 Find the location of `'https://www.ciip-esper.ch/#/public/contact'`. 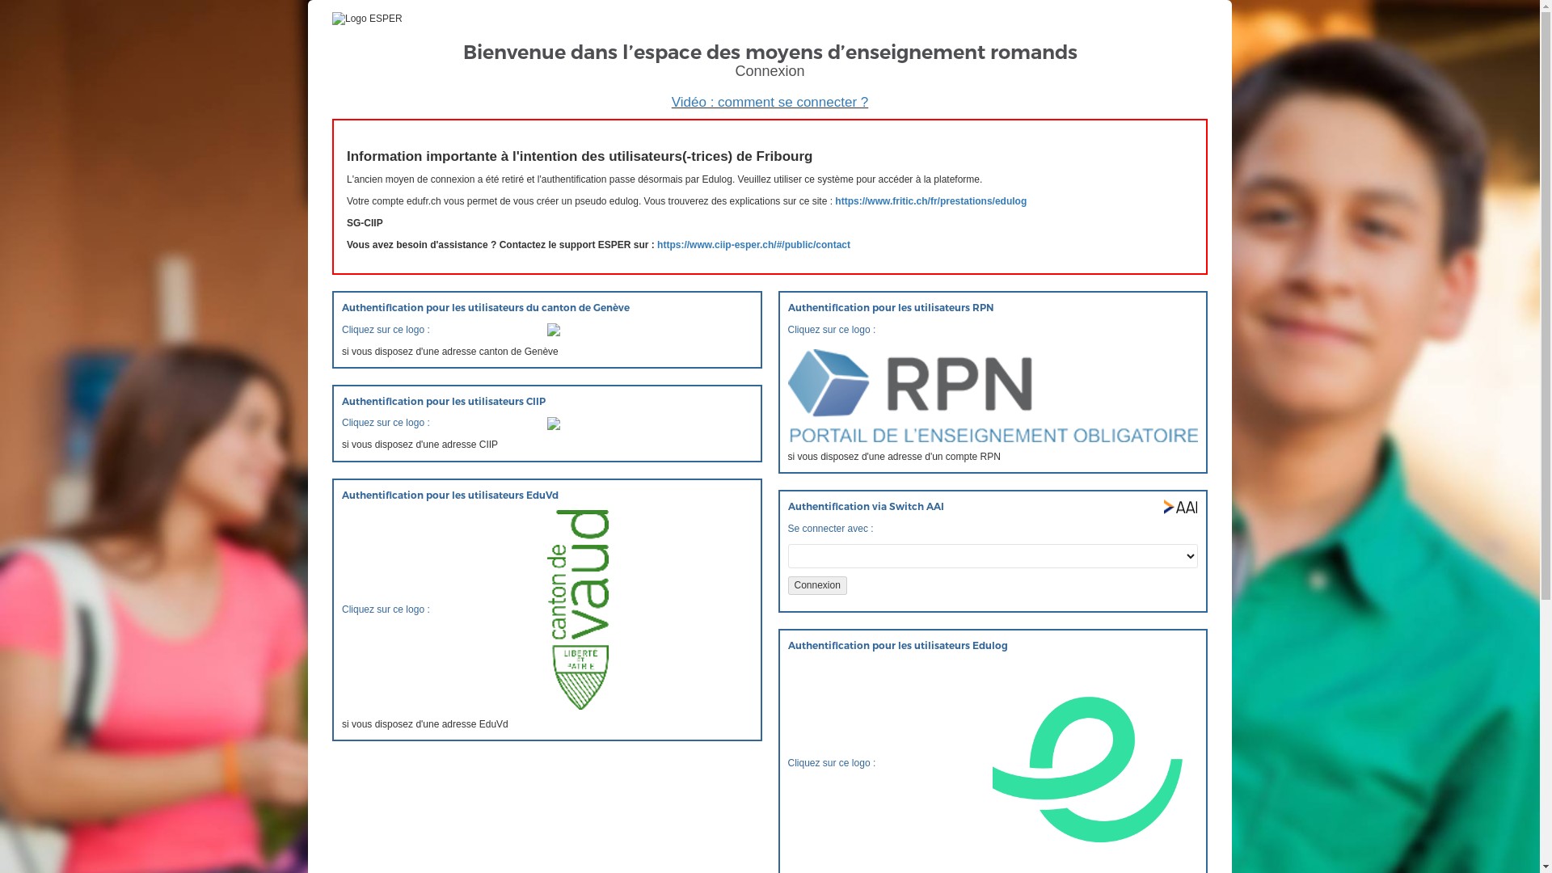

'https://www.ciip-esper.ch/#/public/contact' is located at coordinates (753, 245).